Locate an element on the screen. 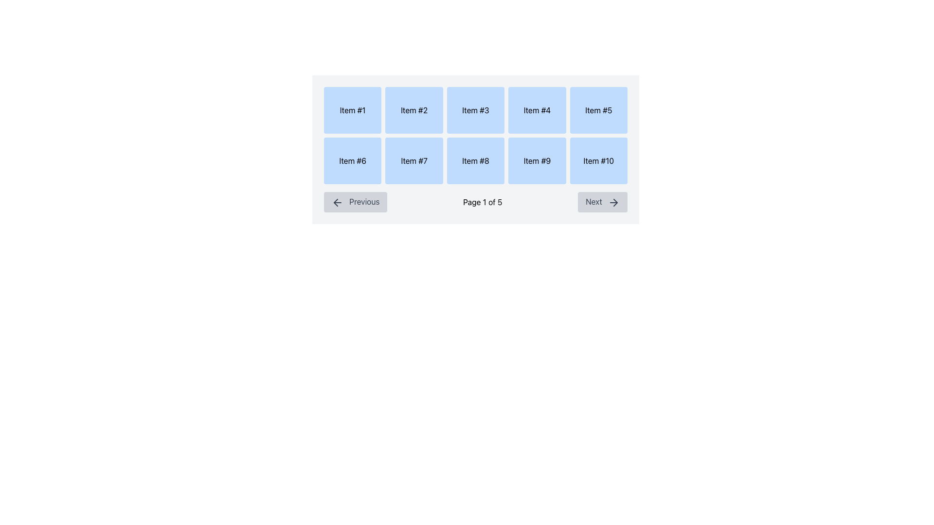  the disabled 'Previous' button located on the left side of the pagination control panel, which is styled to indicate it is inactive is located at coordinates (355, 201).